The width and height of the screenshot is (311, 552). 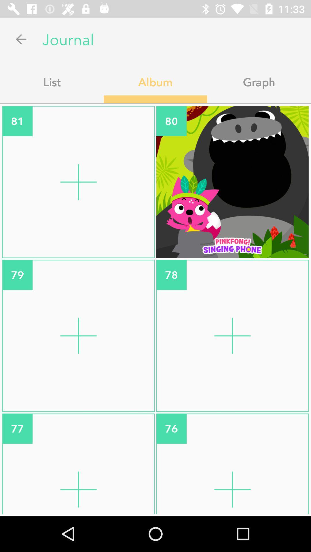 I want to click on icon to the left of journal item, so click(x=21, y=39).